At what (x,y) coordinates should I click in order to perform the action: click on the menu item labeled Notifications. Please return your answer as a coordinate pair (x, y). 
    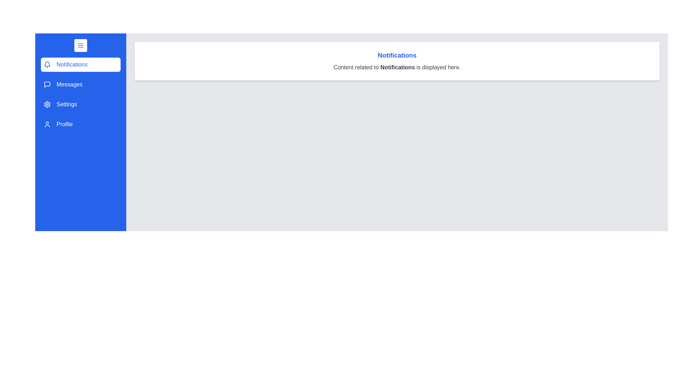
    Looking at the image, I should click on (80, 64).